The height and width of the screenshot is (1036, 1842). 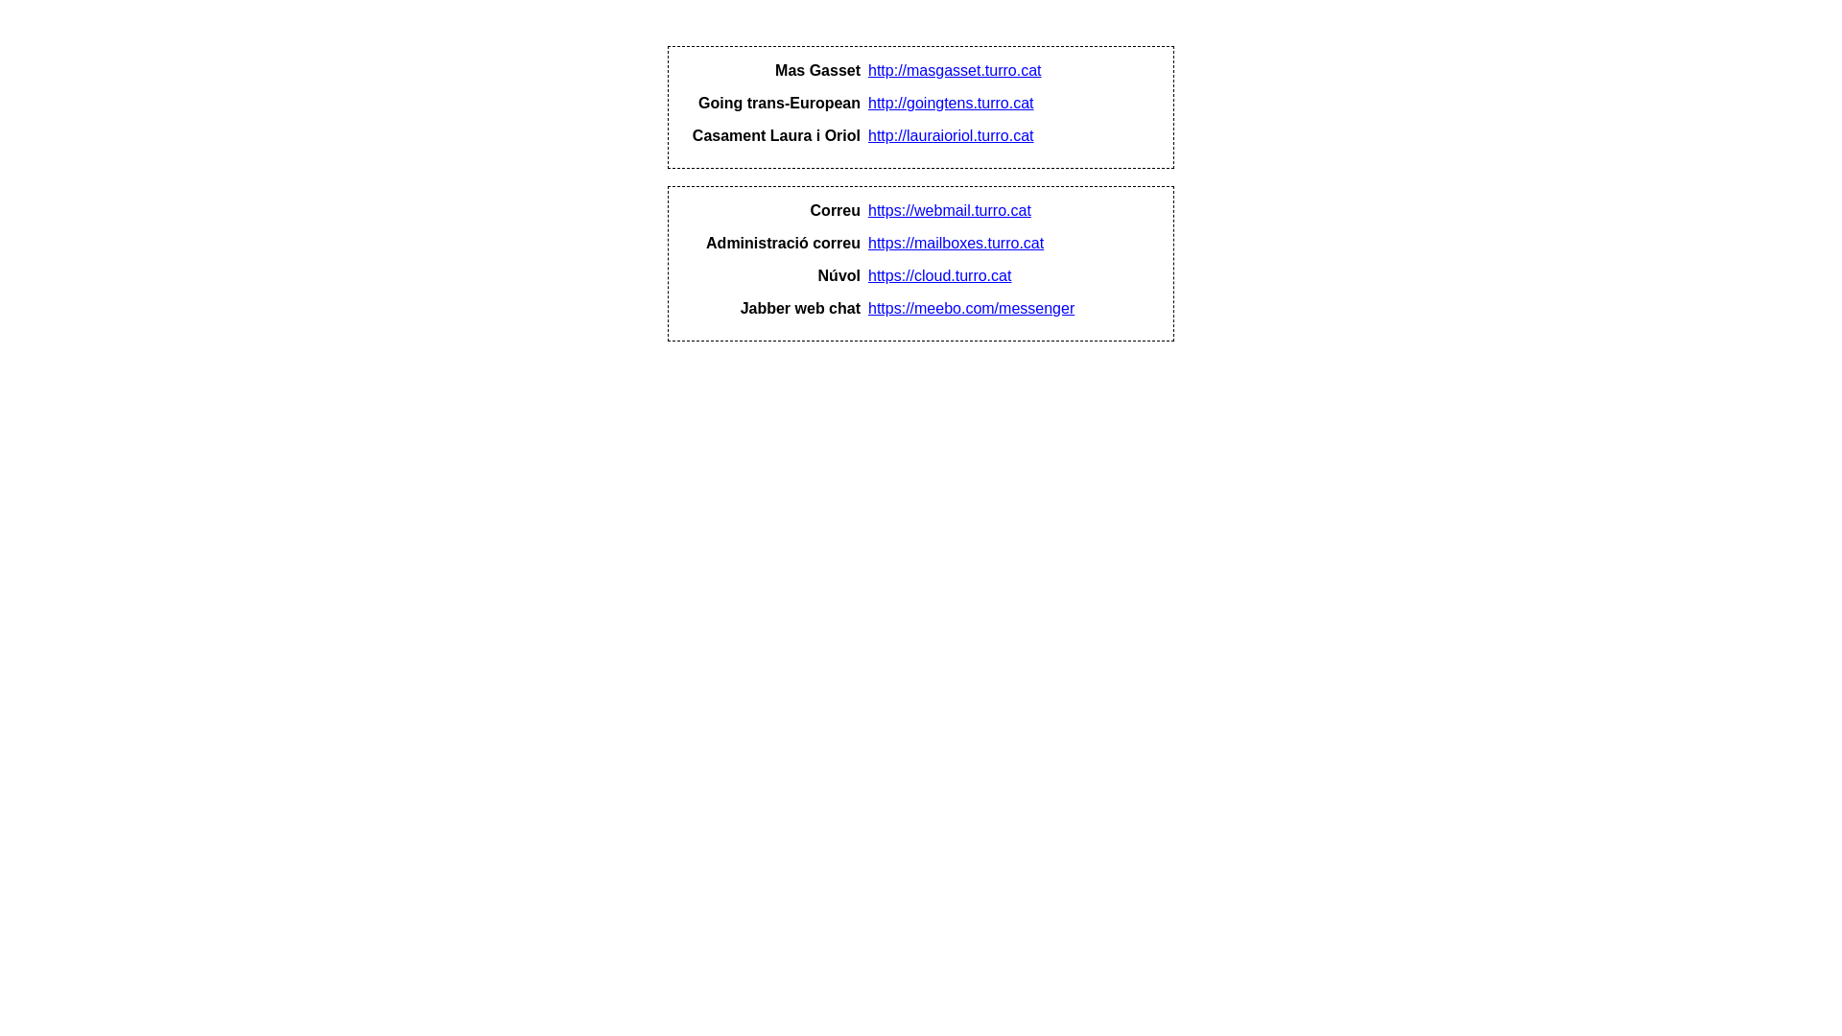 What do you see at coordinates (951, 134) in the screenshot?
I see `'http://lauraioriol.turro.cat'` at bounding box center [951, 134].